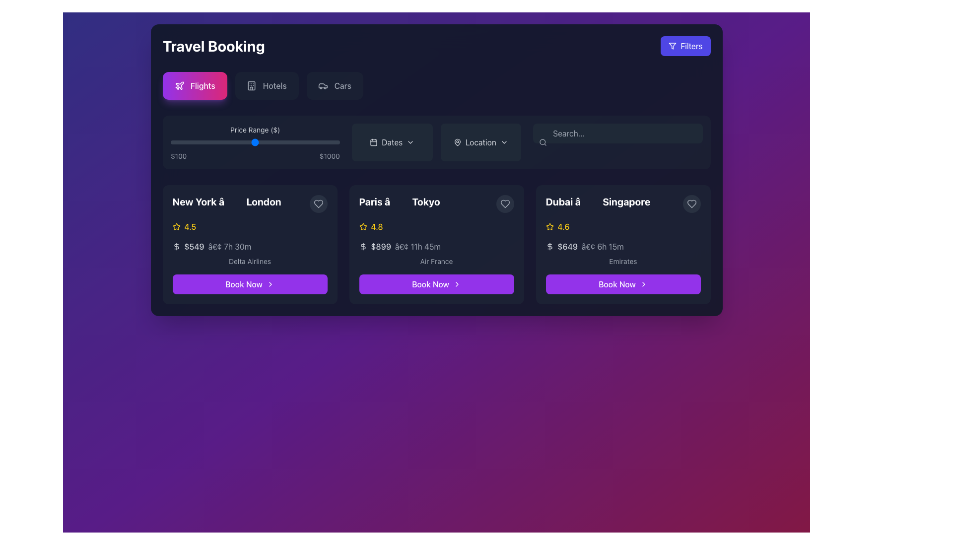  What do you see at coordinates (504, 142) in the screenshot?
I see `the downward-facing chevron icon associated with the 'Location' label` at bounding box center [504, 142].